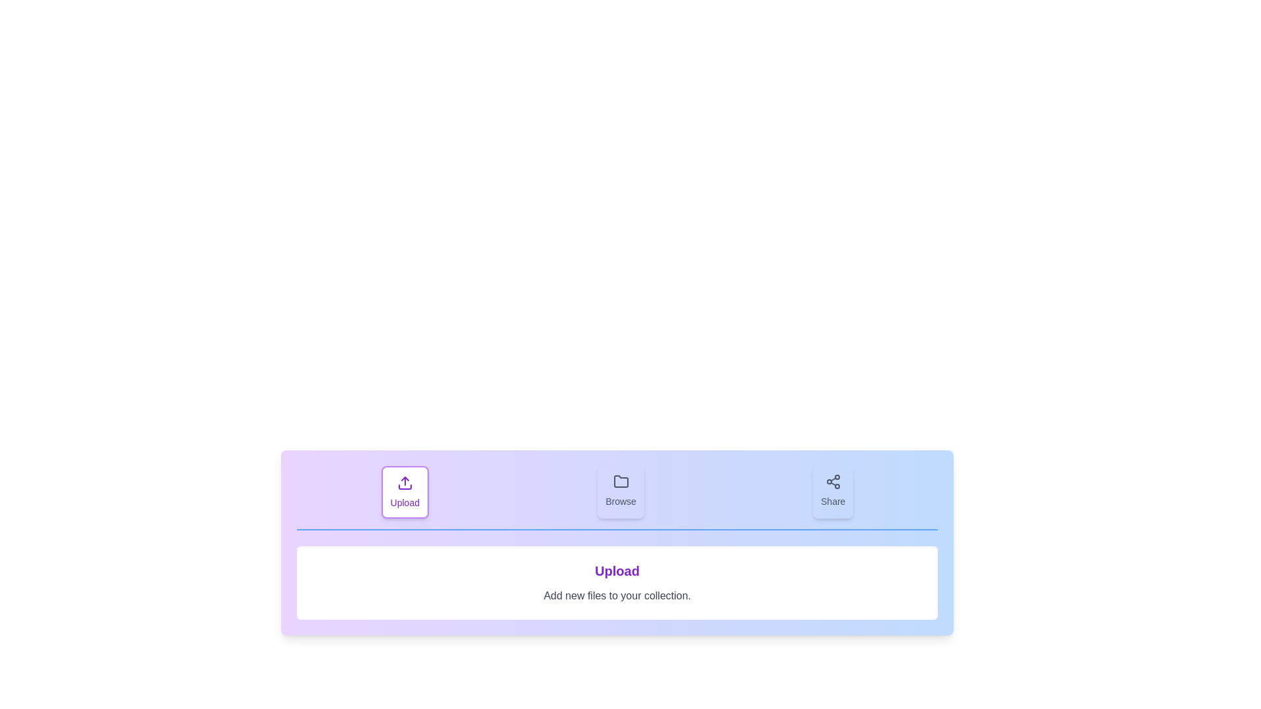 Image resolution: width=1261 pixels, height=709 pixels. What do you see at coordinates (832, 492) in the screenshot?
I see `the Share tab` at bounding box center [832, 492].